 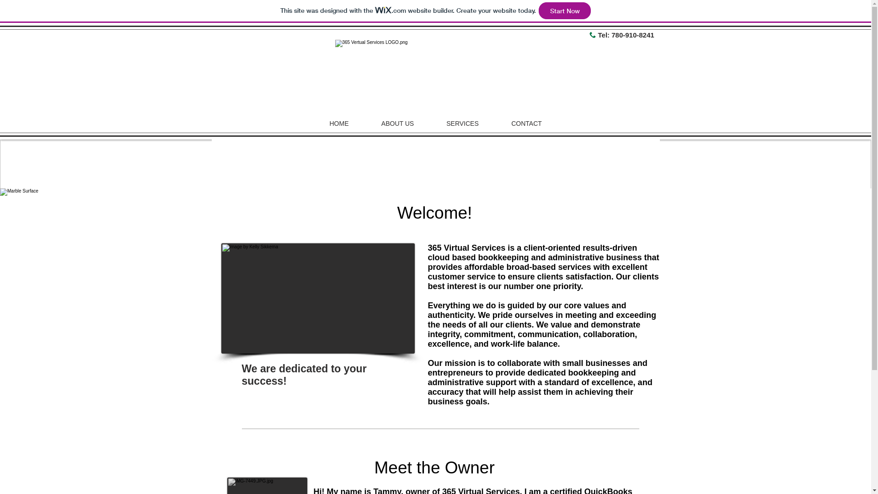 What do you see at coordinates (494, 123) in the screenshot?
I see `'CONTACT'` at bounding box center [494, 123].